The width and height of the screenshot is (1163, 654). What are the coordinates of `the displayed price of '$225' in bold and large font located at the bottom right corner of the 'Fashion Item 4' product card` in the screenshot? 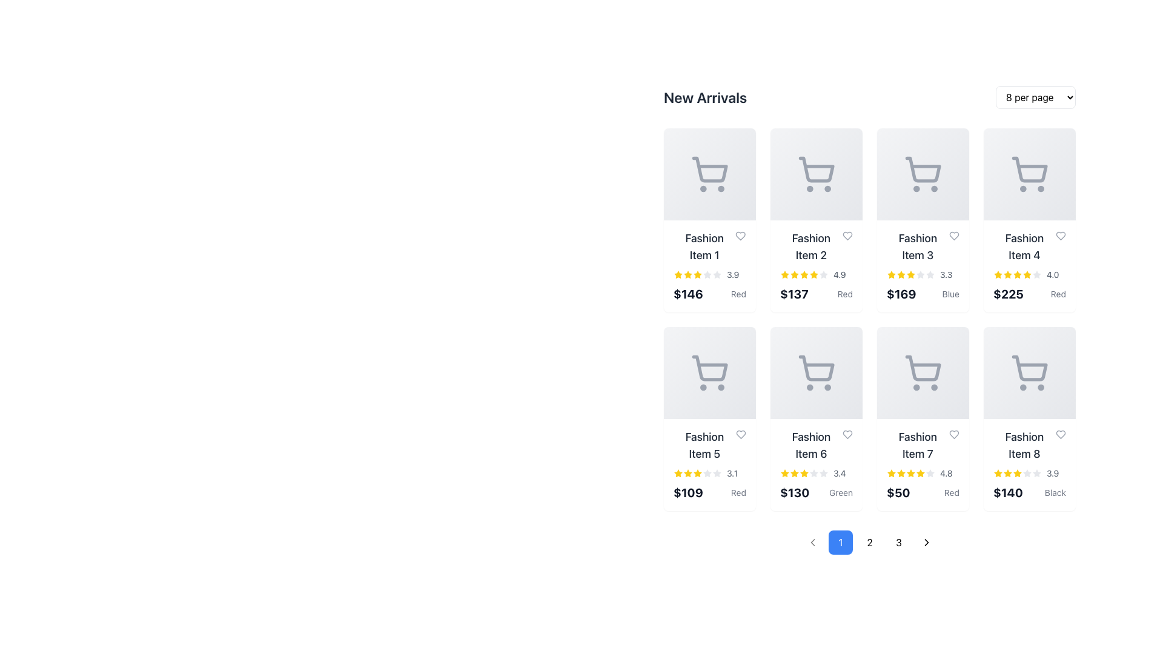 It's located at (1009, 294).